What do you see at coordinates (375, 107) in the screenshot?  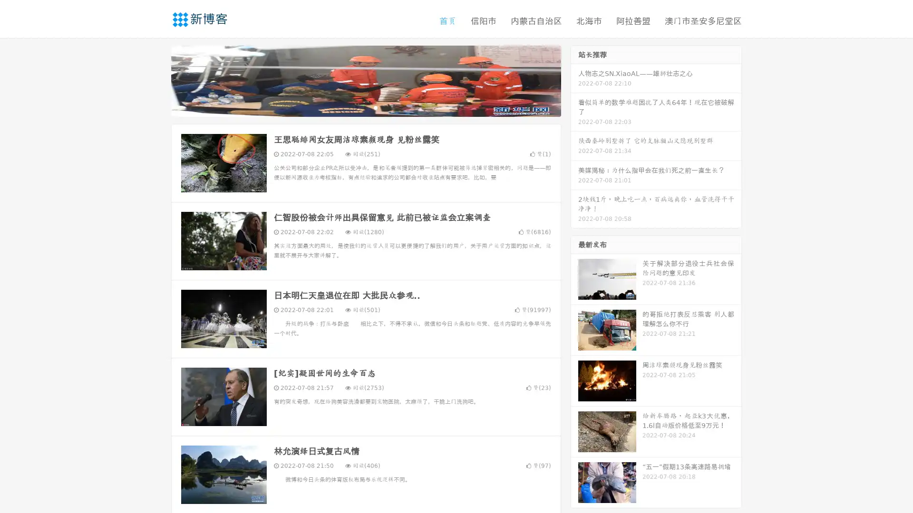 I see `Go to slide 3` at bounding box center [375, 107].